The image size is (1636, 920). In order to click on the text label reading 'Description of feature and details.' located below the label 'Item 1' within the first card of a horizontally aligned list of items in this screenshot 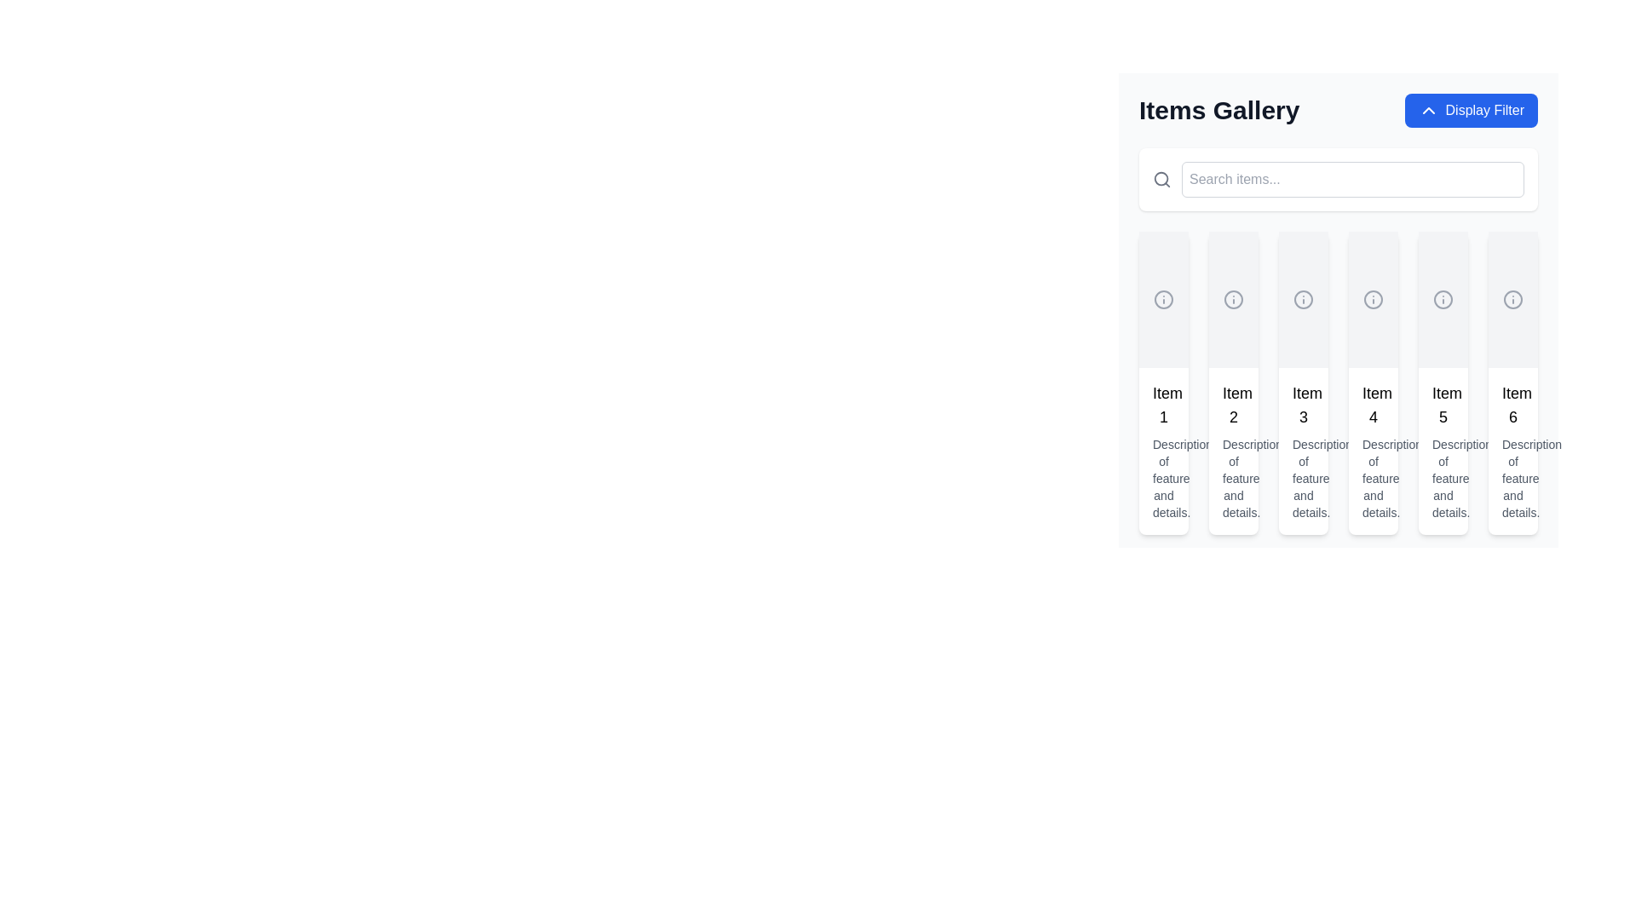, I will do `click(1163, 479)`.